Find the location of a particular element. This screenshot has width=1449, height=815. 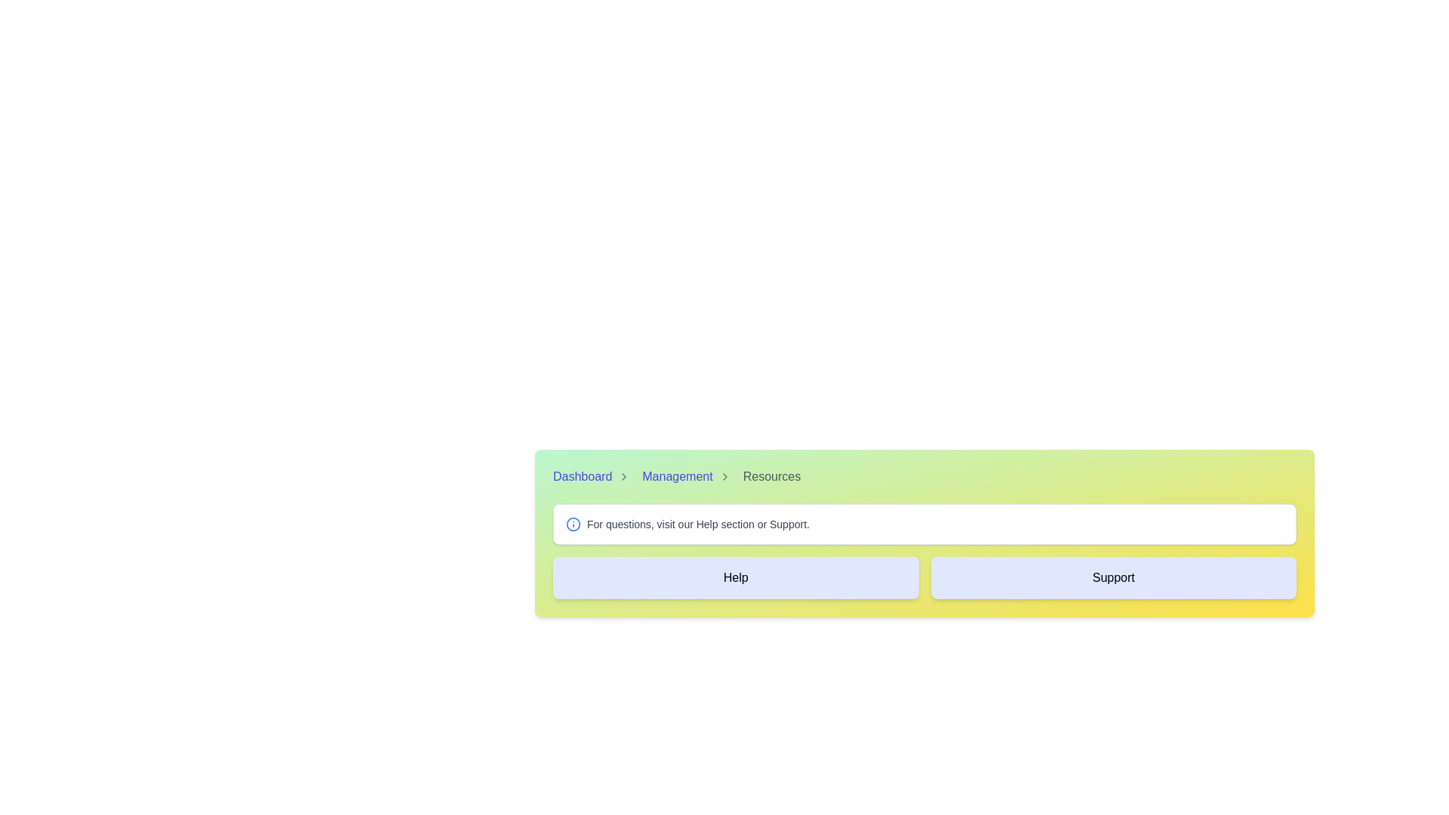

the Breadcrumb navigation links is located at coordinates (924, 477).